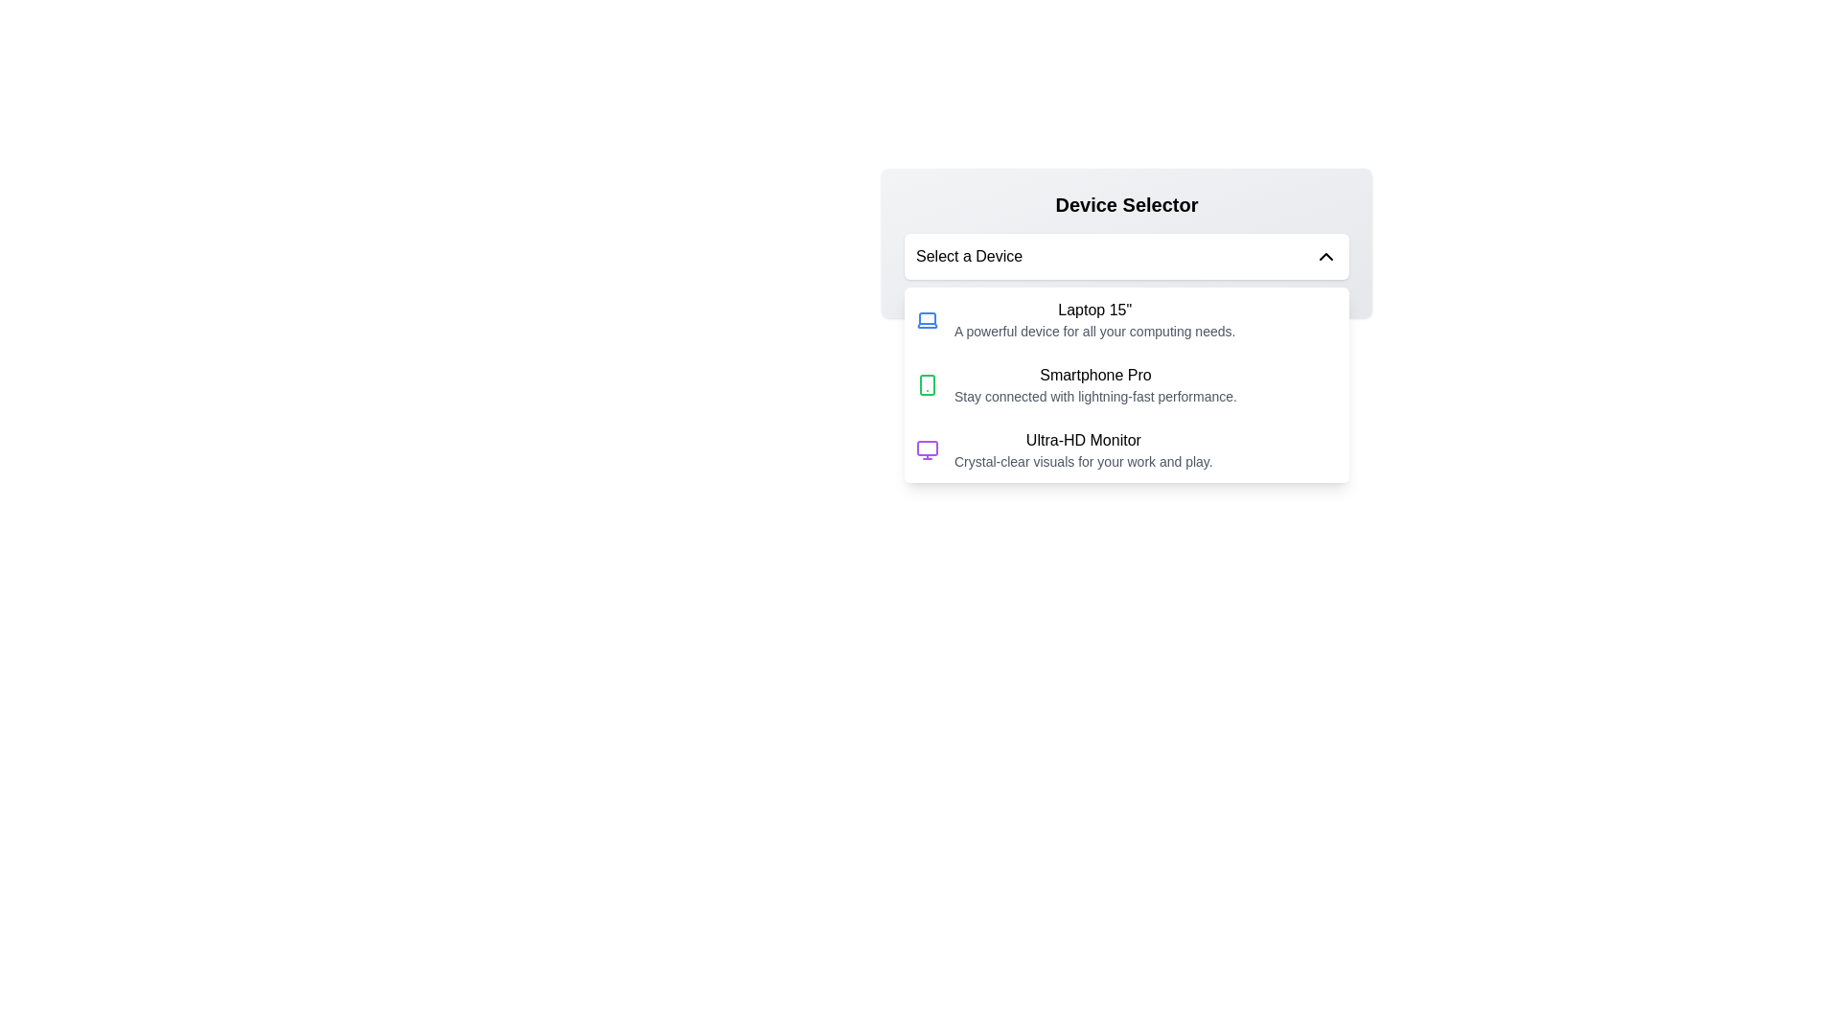 Image resolution: width=1840 pixels, height=1035 pixels. What do you see at coordinates (1127, 204) in the screenshot?
I see `the title text label at the top center of the device selection interface, which provides context to the choices below` at bounding box center [1127, 204].